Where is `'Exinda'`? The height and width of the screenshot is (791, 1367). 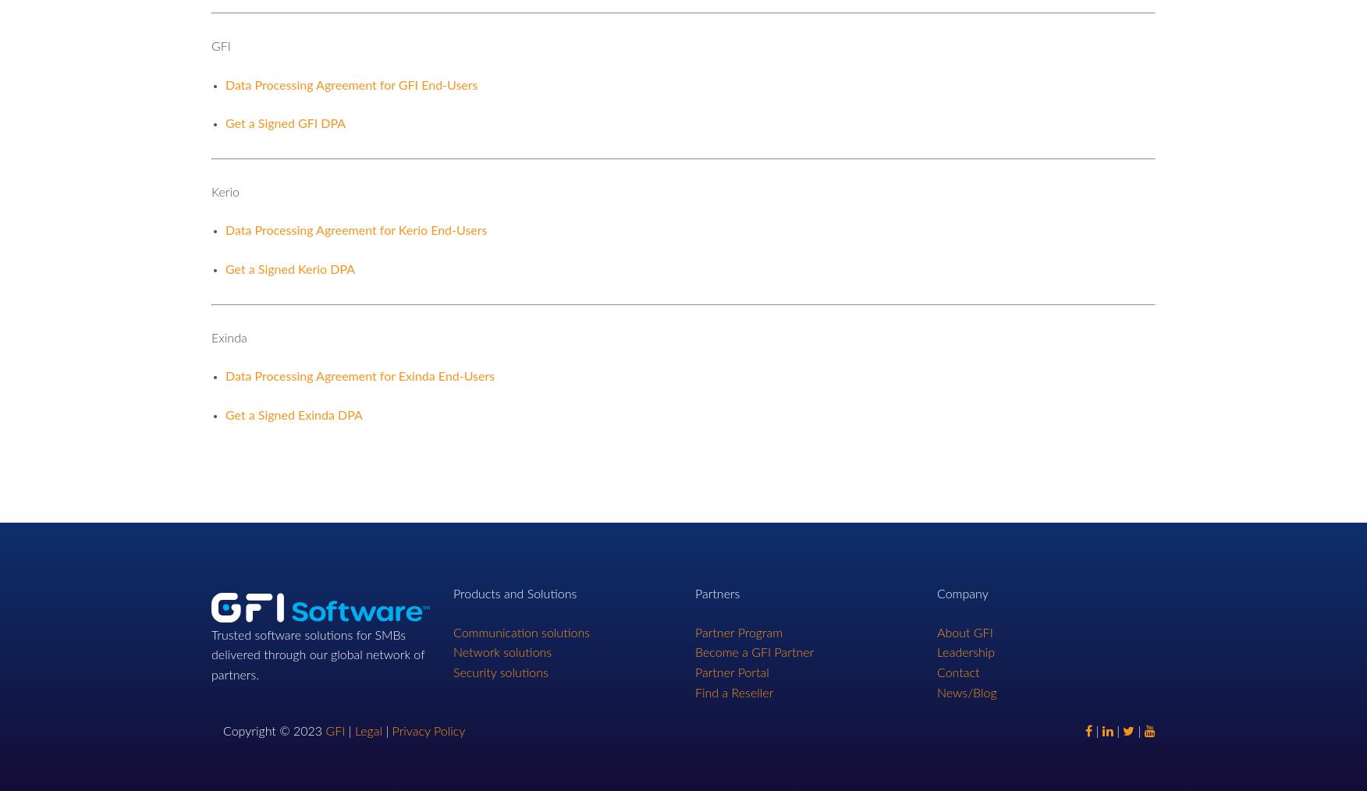 'Exinda' is located at coordinates (229, 337).